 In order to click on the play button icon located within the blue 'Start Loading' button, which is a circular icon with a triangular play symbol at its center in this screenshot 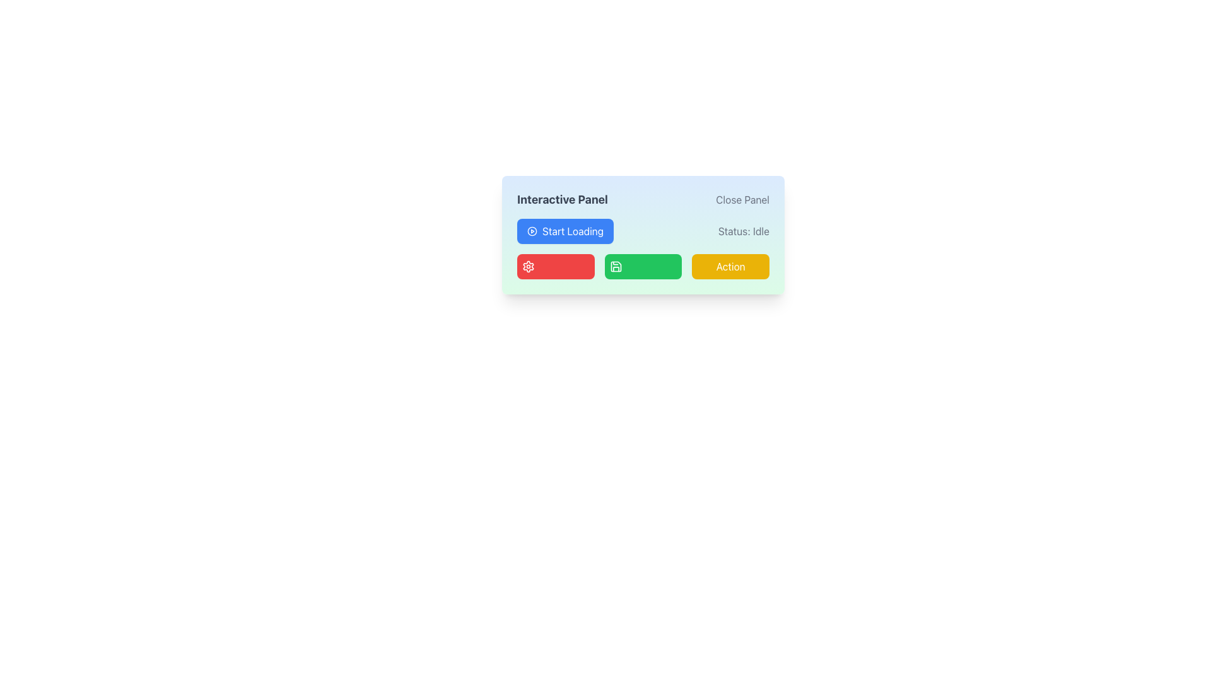, I will do `click(532, 231)`.